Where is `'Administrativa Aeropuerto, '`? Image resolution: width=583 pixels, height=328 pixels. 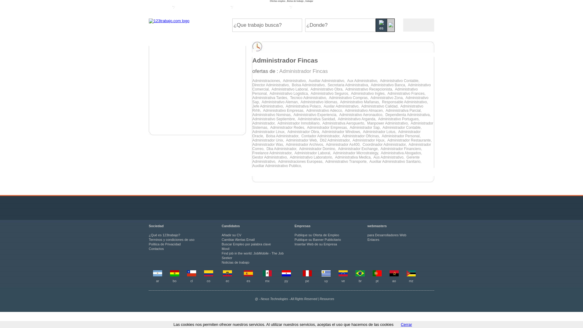
'Administrativa Aeropuerto, ' is located at coordinates (345, 123).